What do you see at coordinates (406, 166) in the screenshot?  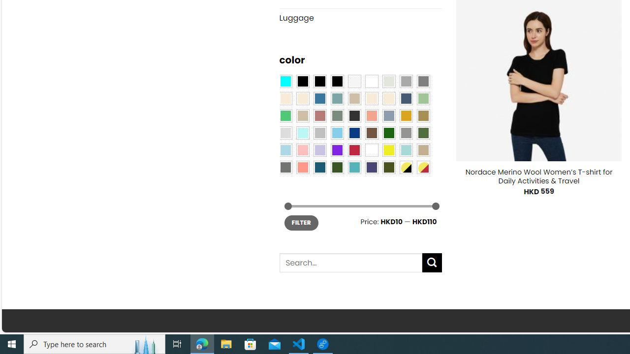 I see `'Yellow-Black'` at bounding box center [406, 166].